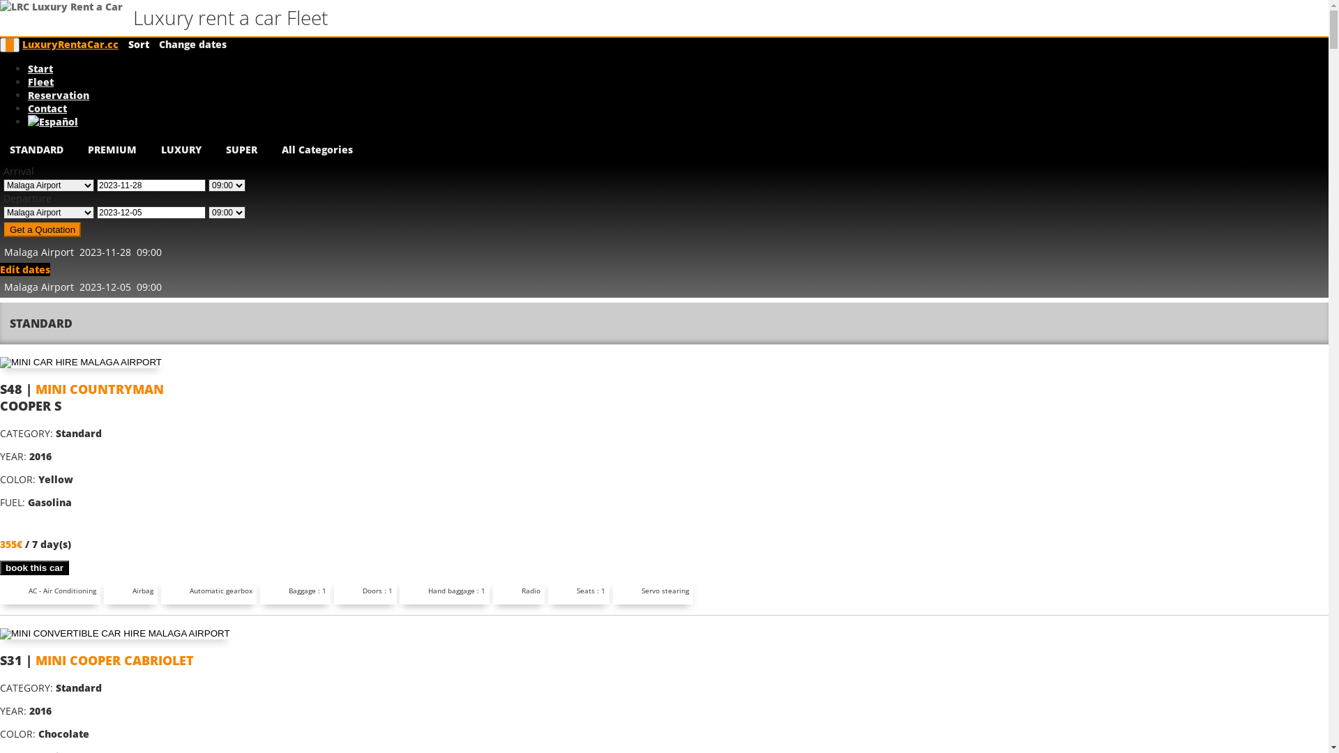  What do you see at coordinates (138, 43) in the screenshot?
I see `'Sort'` at bounding box center [138, 43].